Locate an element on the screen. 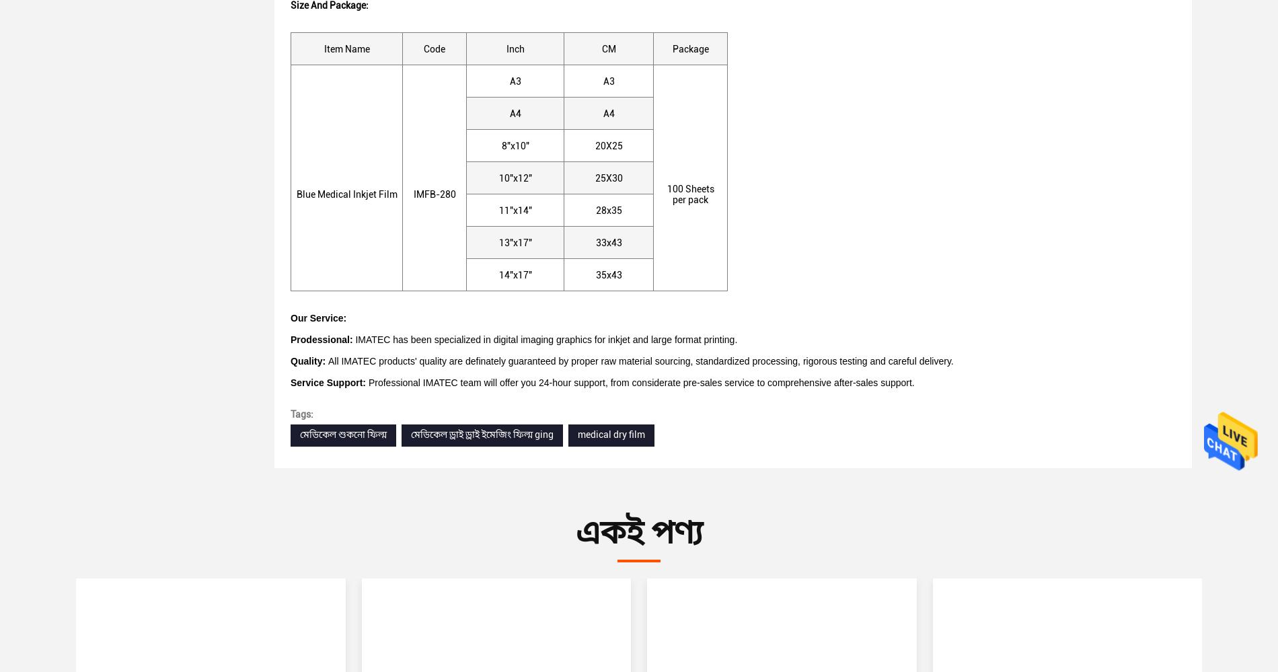 Image resolution: width=1278 pixels, height=672 pixels. 'IMATEC has been specialized in digital imaging graphics for inkjet and large format printing.' is located at coordinates (543, 338).